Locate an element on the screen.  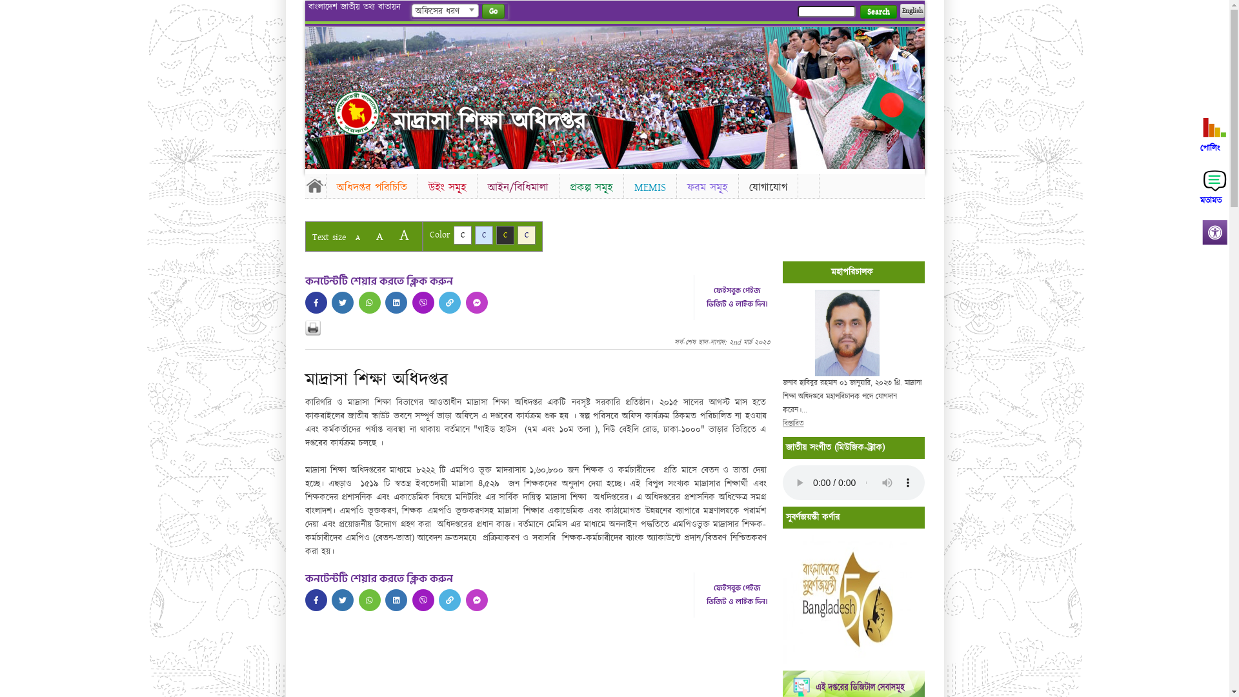
'Next' is located at coordinates (911, 94).